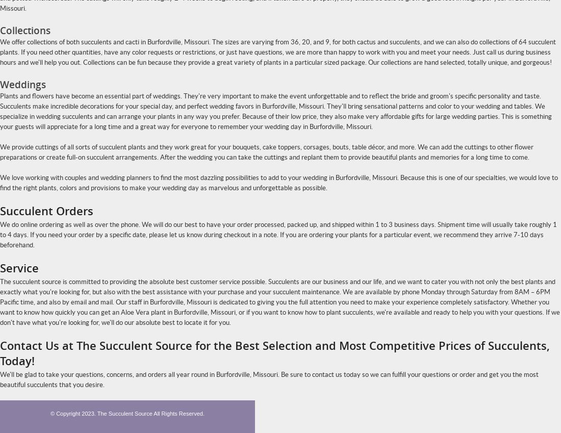 This screenshot has width=561, height=433. Describe the element at coordinates (0, 31) in the screenshot. I see `'Collections'` at that location.